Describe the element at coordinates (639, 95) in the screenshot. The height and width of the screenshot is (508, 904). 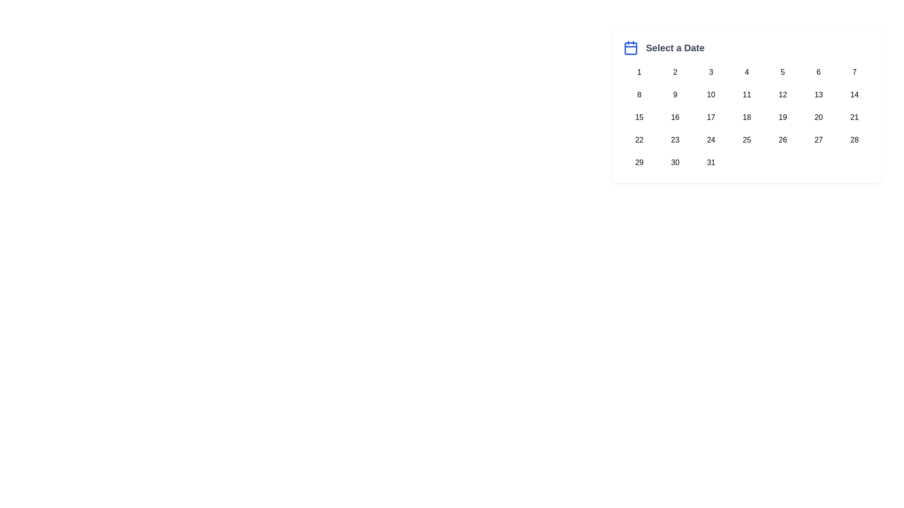
I see `the rectangular button with rounded corners that displays the number '8'` at that location.